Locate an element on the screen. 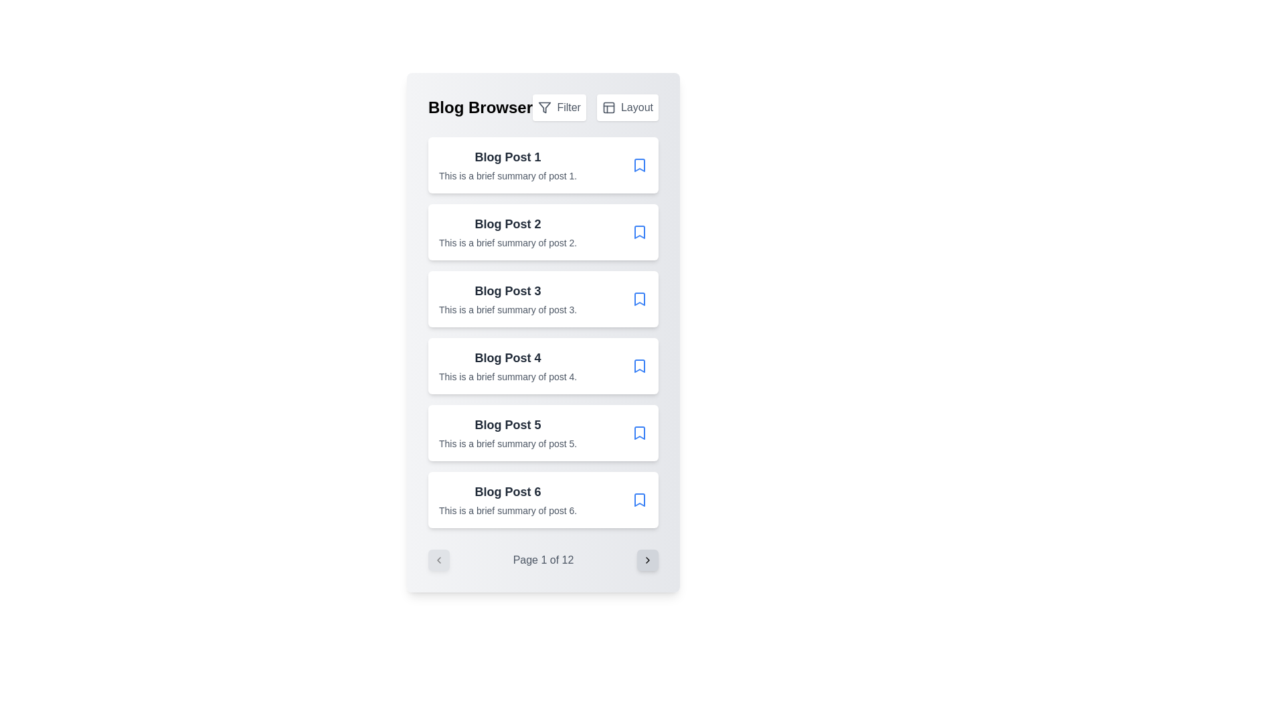 The height and width of the screenshot is (723, 1285). the filter icon in the middle section of the Header with interactive controls to apply filters is located at coordinates (543, 107).